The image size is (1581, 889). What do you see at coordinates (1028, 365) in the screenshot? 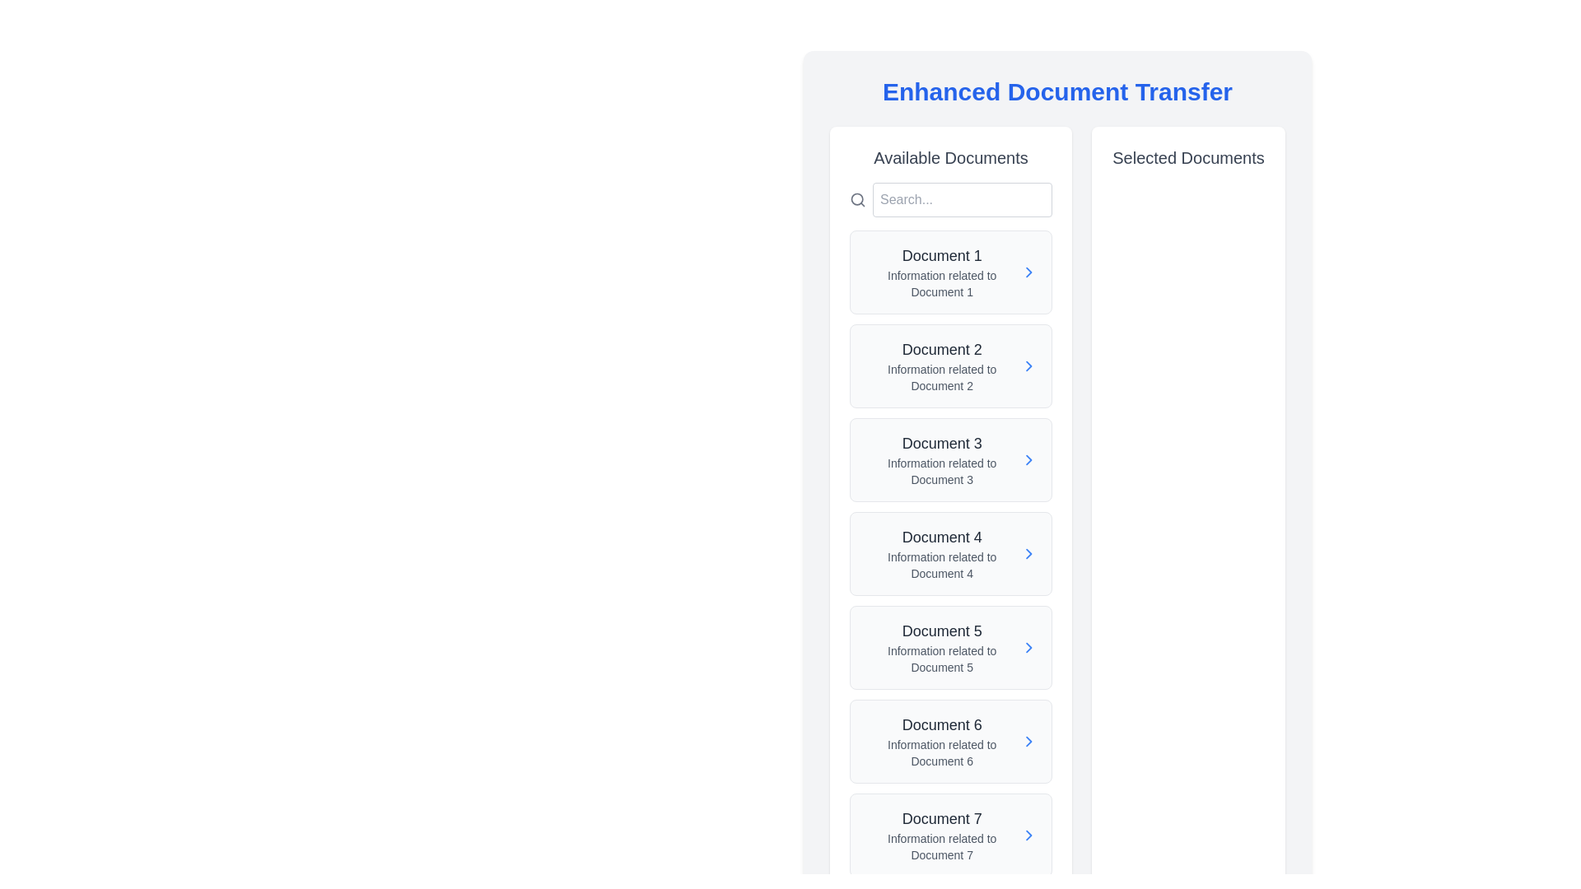
I see `the blue chevron icon/button located at the right edge of the 'Document 2' card to observe its state change` at bounding box center [1028, 365].